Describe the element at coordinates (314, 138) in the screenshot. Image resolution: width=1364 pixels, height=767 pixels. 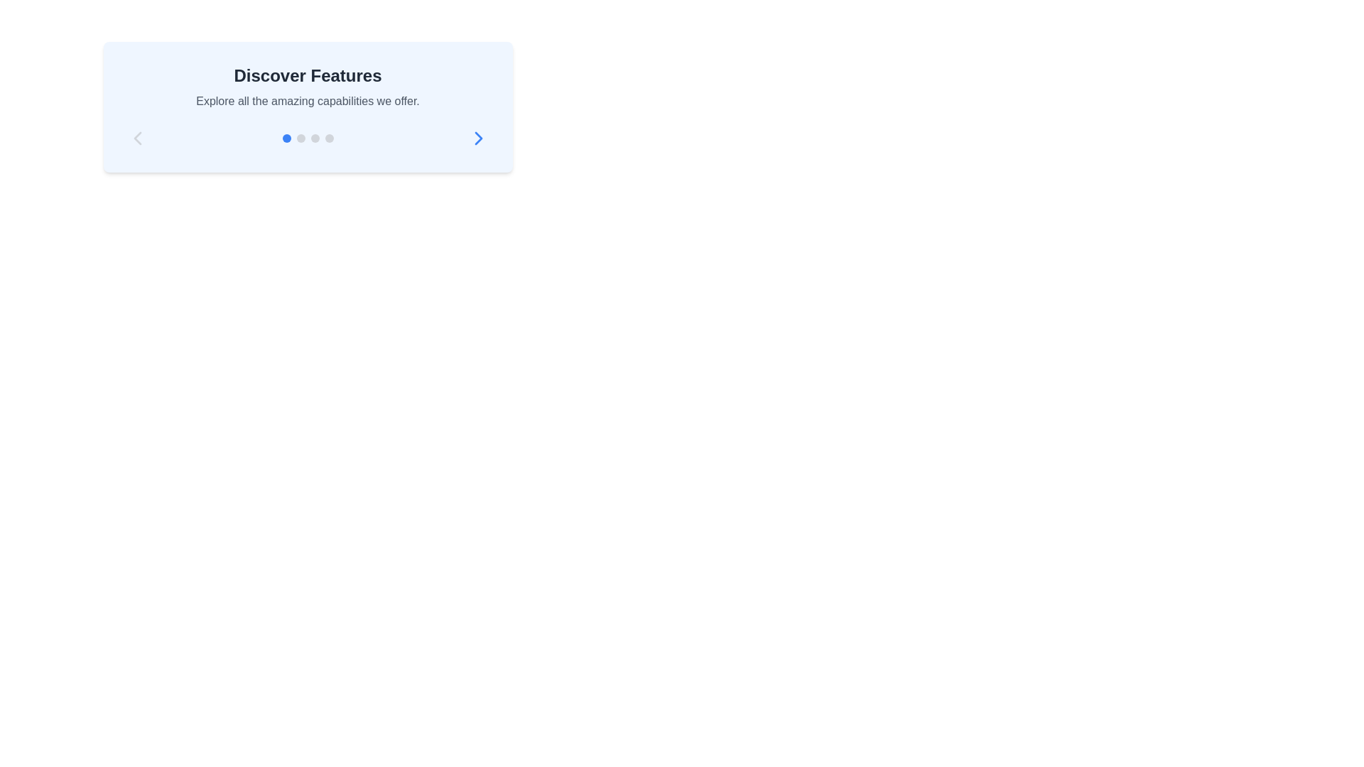
I see `the third dot in the sequence of four dots that indicates the currently displayed item beneath the 'Discover Features' text` at that location.